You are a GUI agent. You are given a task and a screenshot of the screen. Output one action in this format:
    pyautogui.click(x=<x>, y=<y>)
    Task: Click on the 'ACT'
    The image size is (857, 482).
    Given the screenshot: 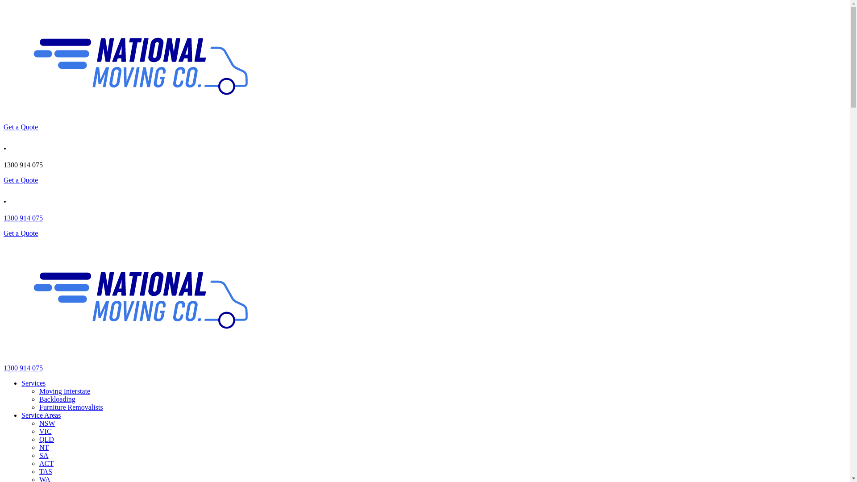 What is the action you would take?
    pyautogui.click(x=38, y=463)
    